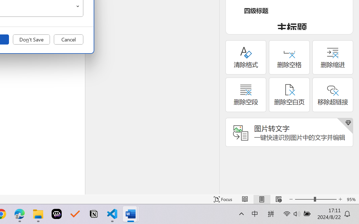 This screenshot has width=359, height=224. Describe the element at coordinates (31, 39) in the screenshot. I see `'Don'` at that location.